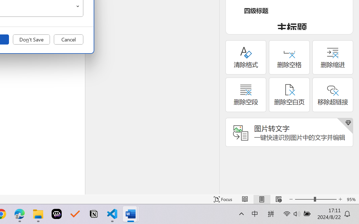 This screenshot has width=359, height=224. Describe the element at coordinates (31, 39) in the screenshot. I see `'Don'` at that location.